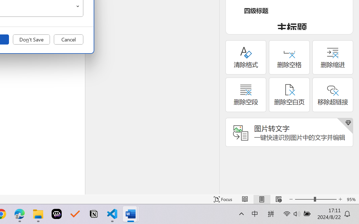 This screenshot has width=359, height=224. Describe the element at coordinates (31, 39) in the screenshot. I see `'Don'` at that location.